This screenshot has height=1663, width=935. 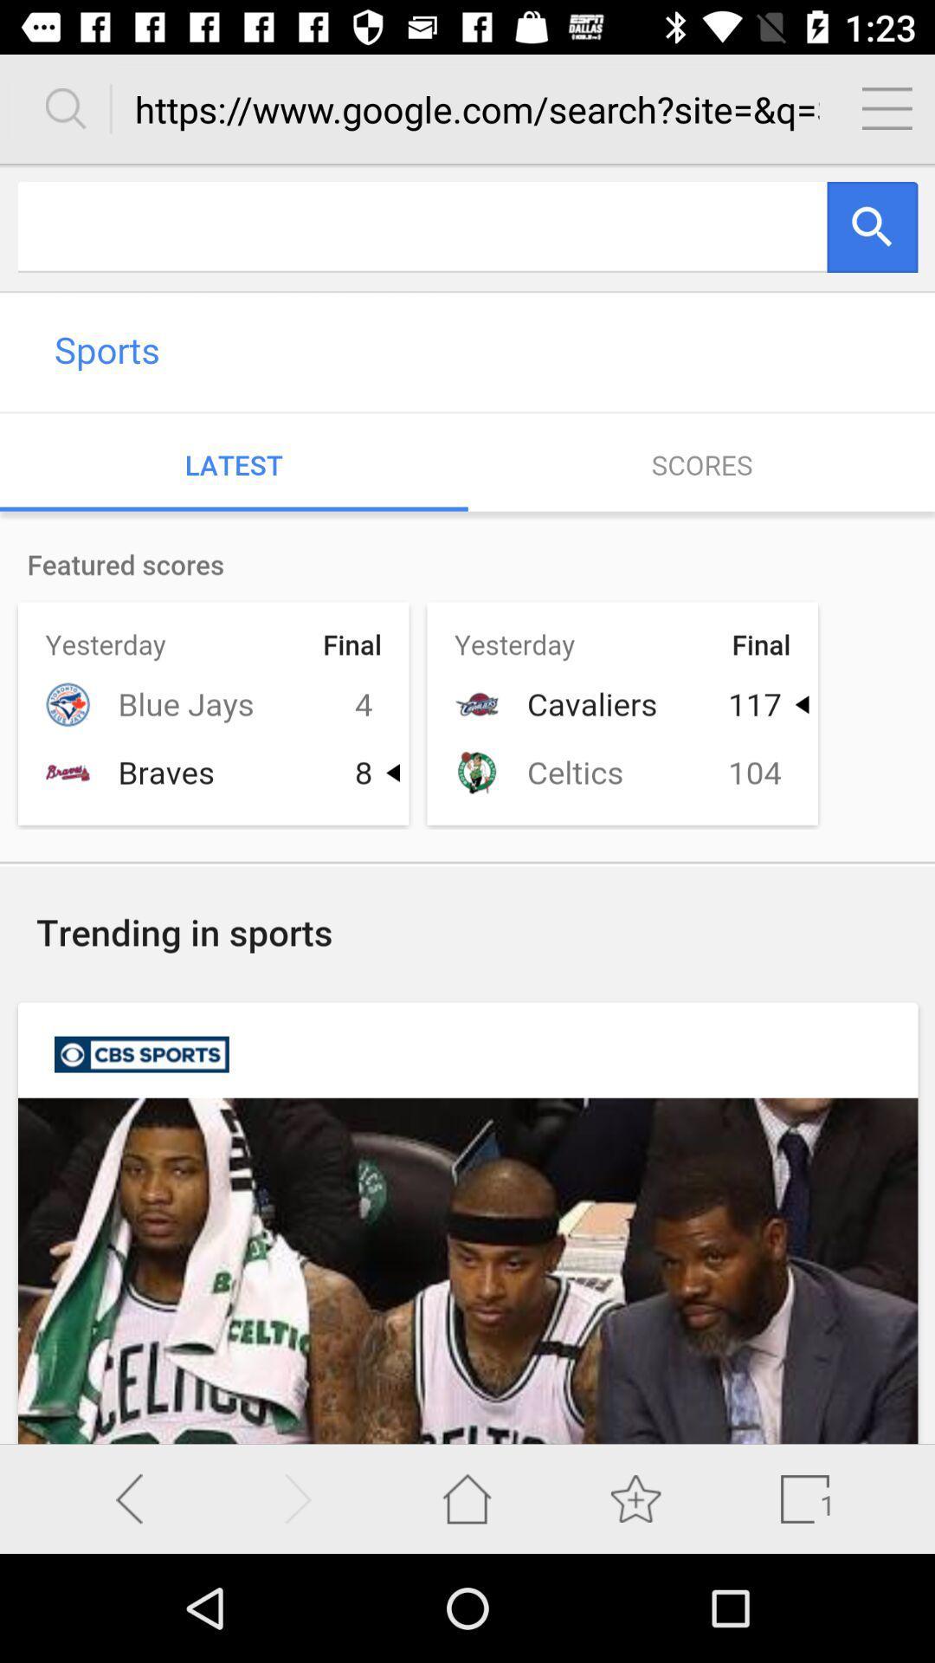 I want to click on the menu page, so click(x=887, y=107).